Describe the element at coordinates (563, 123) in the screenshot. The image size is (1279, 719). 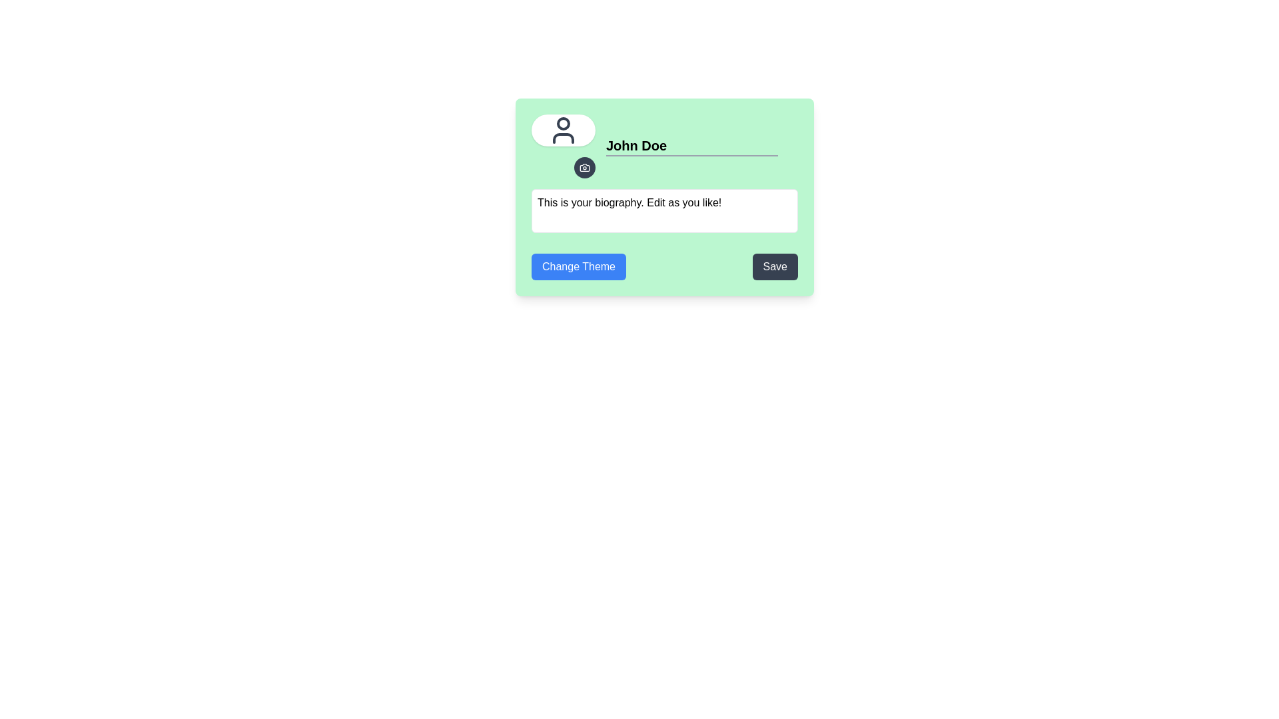
I see `the graphical representation of the circular head portion of the user icon located in the top-left corner of the visible card` at that location.